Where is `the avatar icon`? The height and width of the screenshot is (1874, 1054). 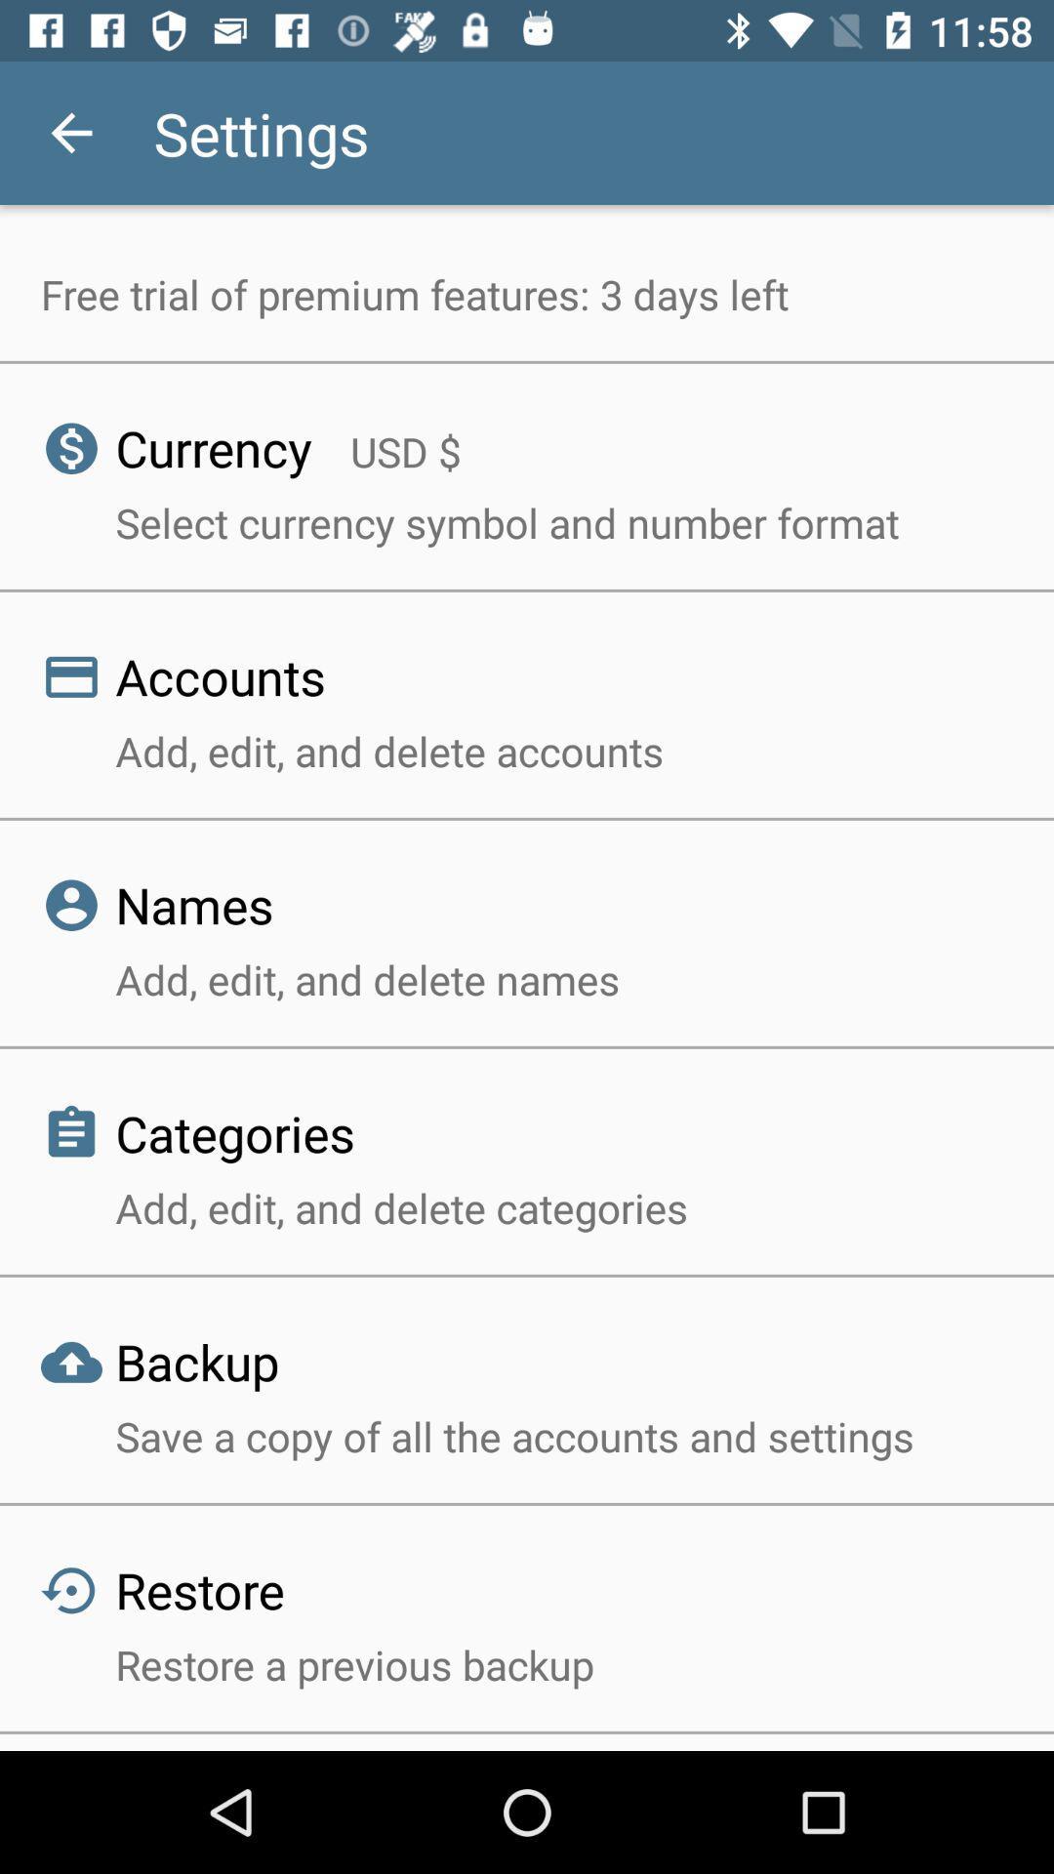
the avatar icon is located at coordinates (50, 878).